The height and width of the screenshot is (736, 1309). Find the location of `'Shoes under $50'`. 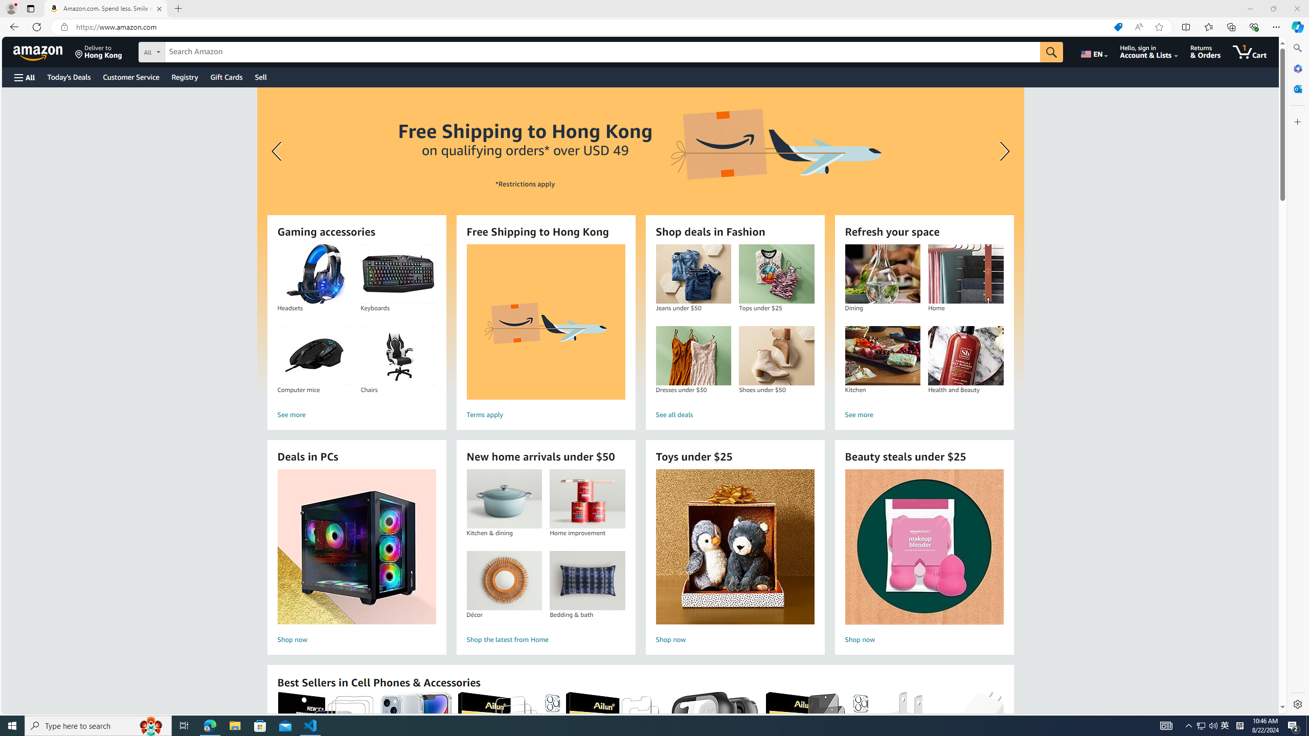

'Shoes under $50' is located at coordinates (777, 356).